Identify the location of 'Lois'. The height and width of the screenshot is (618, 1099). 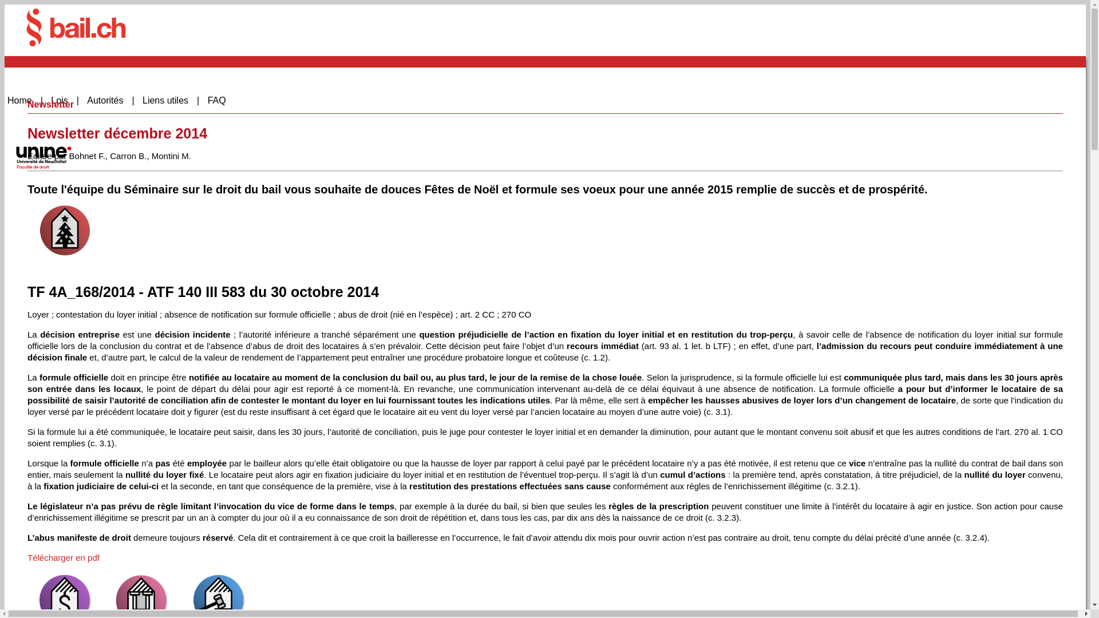
(64, 100).